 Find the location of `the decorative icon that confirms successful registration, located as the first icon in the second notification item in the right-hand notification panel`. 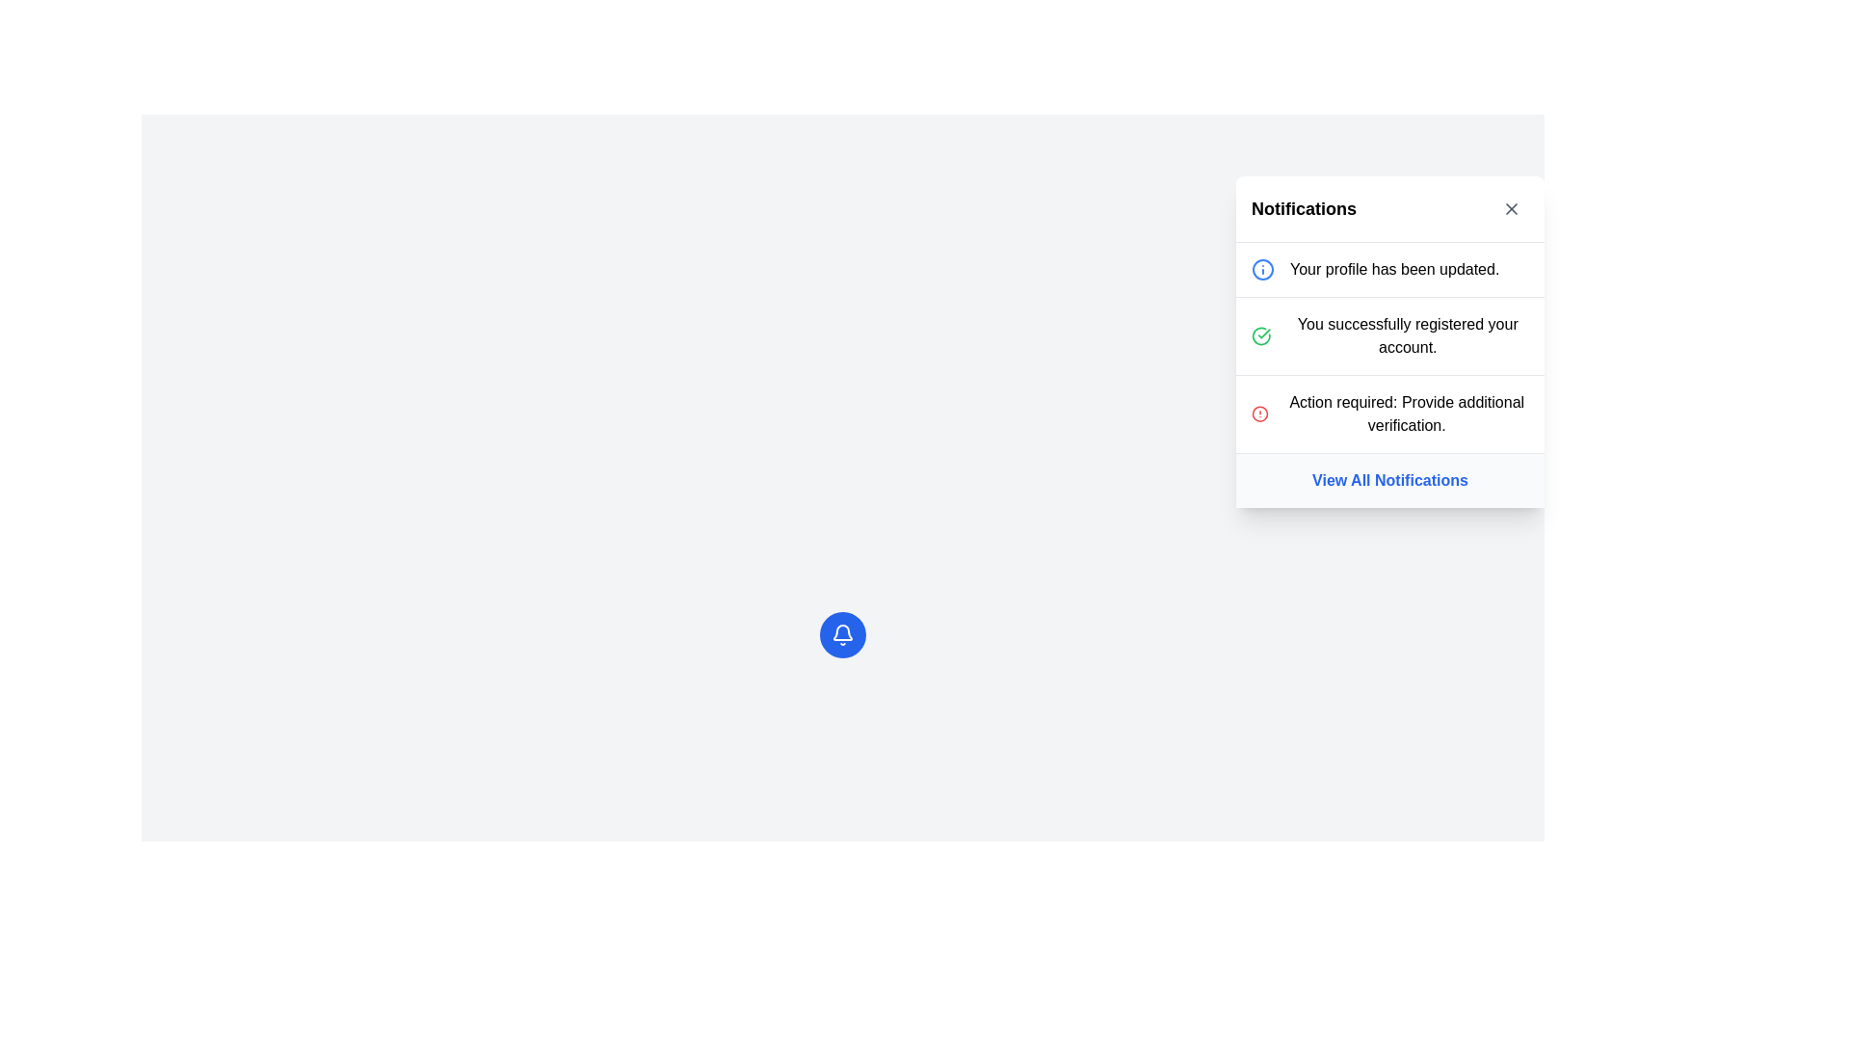

the decorative icon that confirms successful registration, located as the first icon in the second notification item in the right-hand notification panel is located at coordinates (1261, 334).